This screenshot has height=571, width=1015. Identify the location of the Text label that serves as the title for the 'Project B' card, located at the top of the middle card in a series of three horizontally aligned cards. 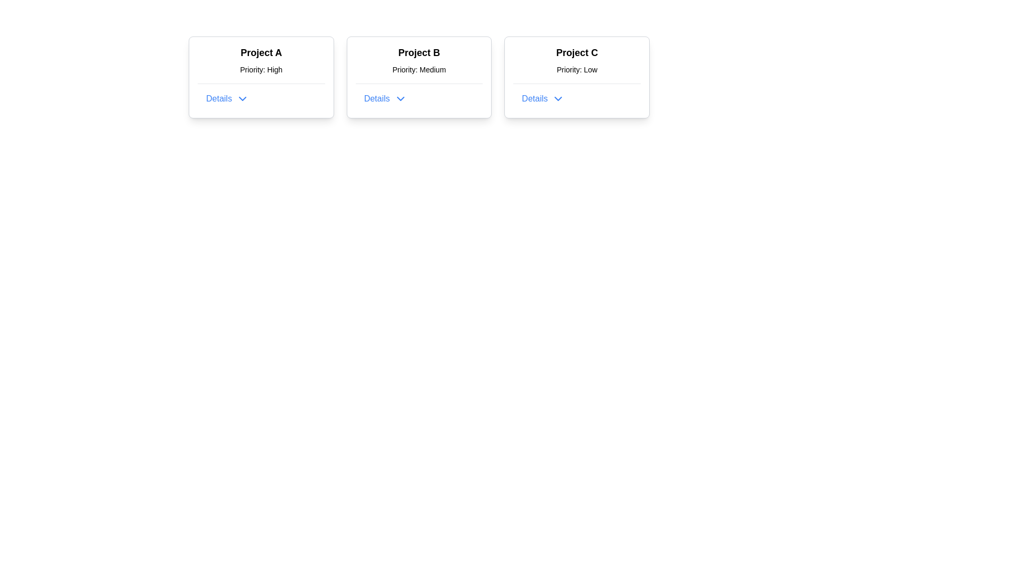
(418, 53).